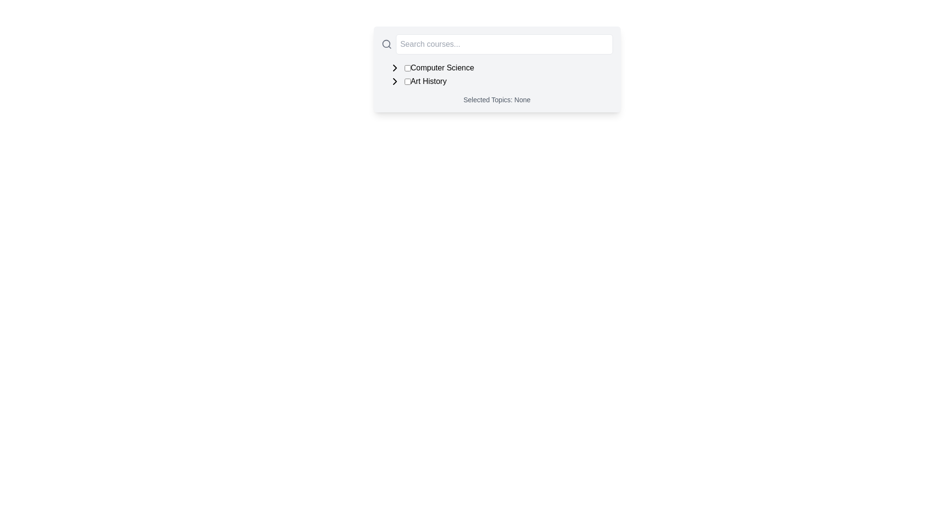 The width and height of the screenshot is (926, 521). Describe the element at coordinates (407, 68) in the screenshot. I see `the checkbox that allows users to select or deselect the 'Computer Science' option, positioned between an arrow icon and the text 'Computer Science' in the upper-left quadrant of the interface` at that location.